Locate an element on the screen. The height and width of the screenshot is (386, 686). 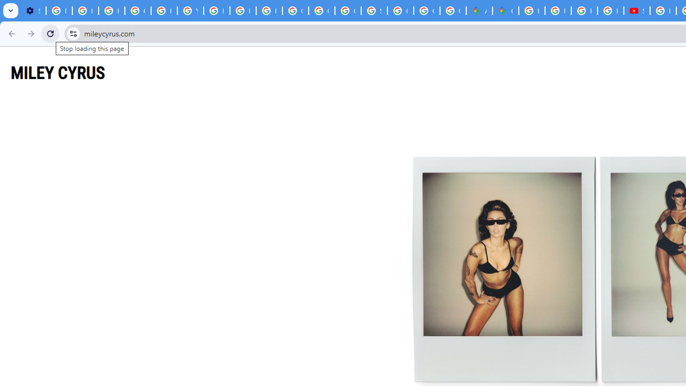
'Settings - Customize profile' is located at coordinates (33, 11).